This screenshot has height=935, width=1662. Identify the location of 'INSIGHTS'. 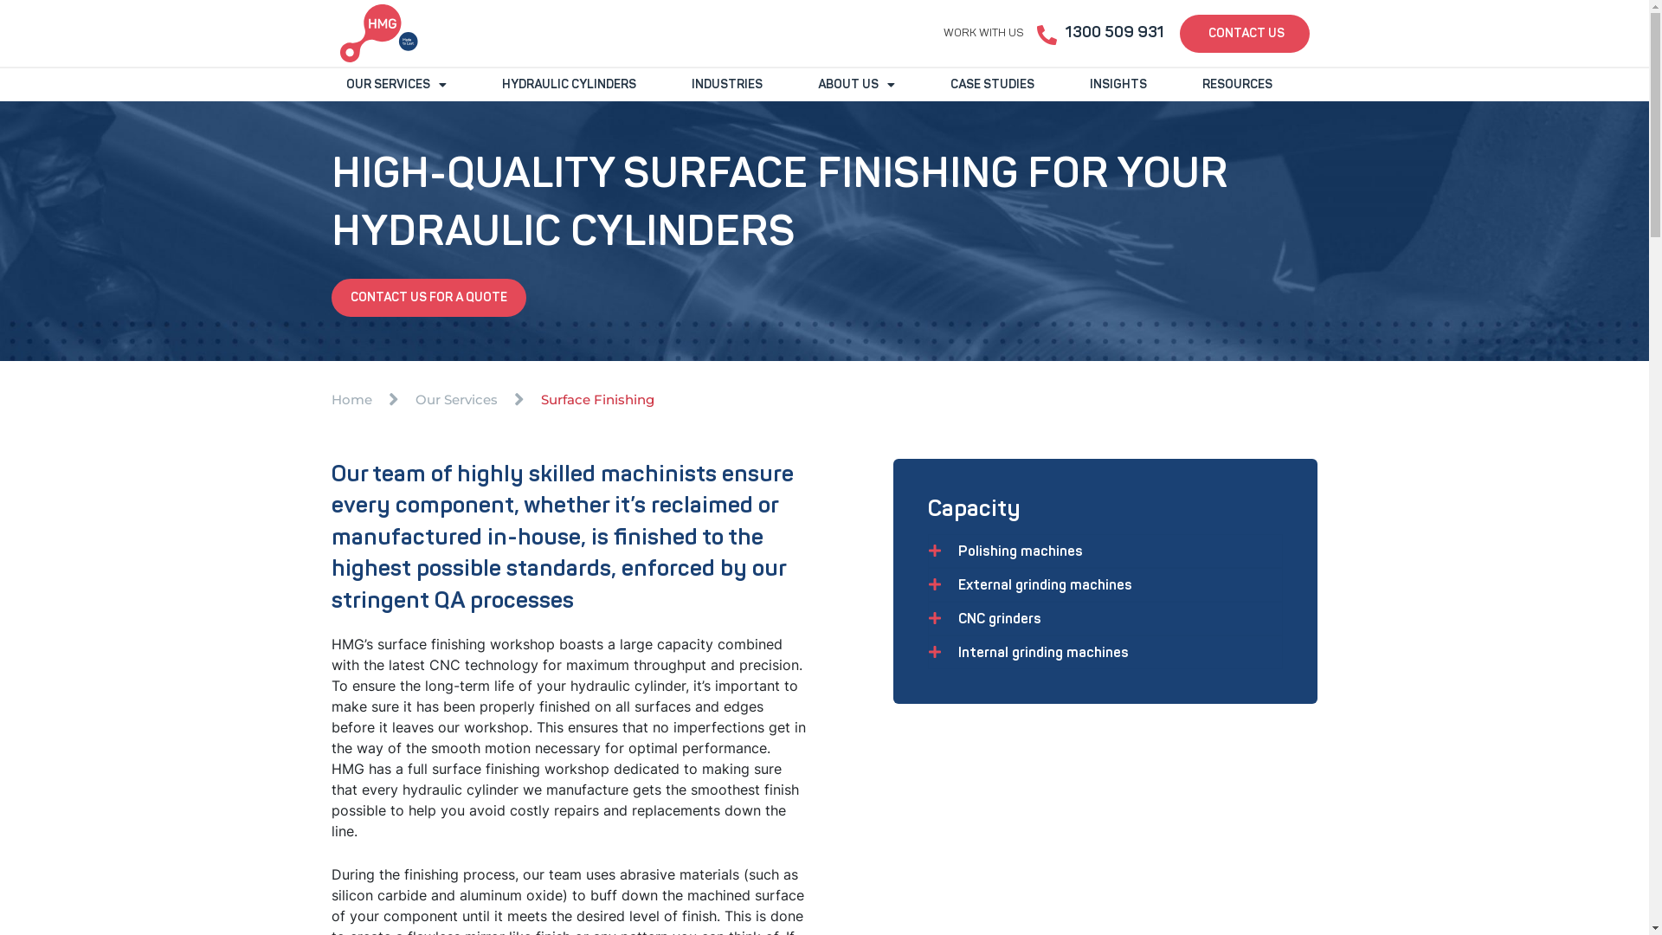
(1118, 84).